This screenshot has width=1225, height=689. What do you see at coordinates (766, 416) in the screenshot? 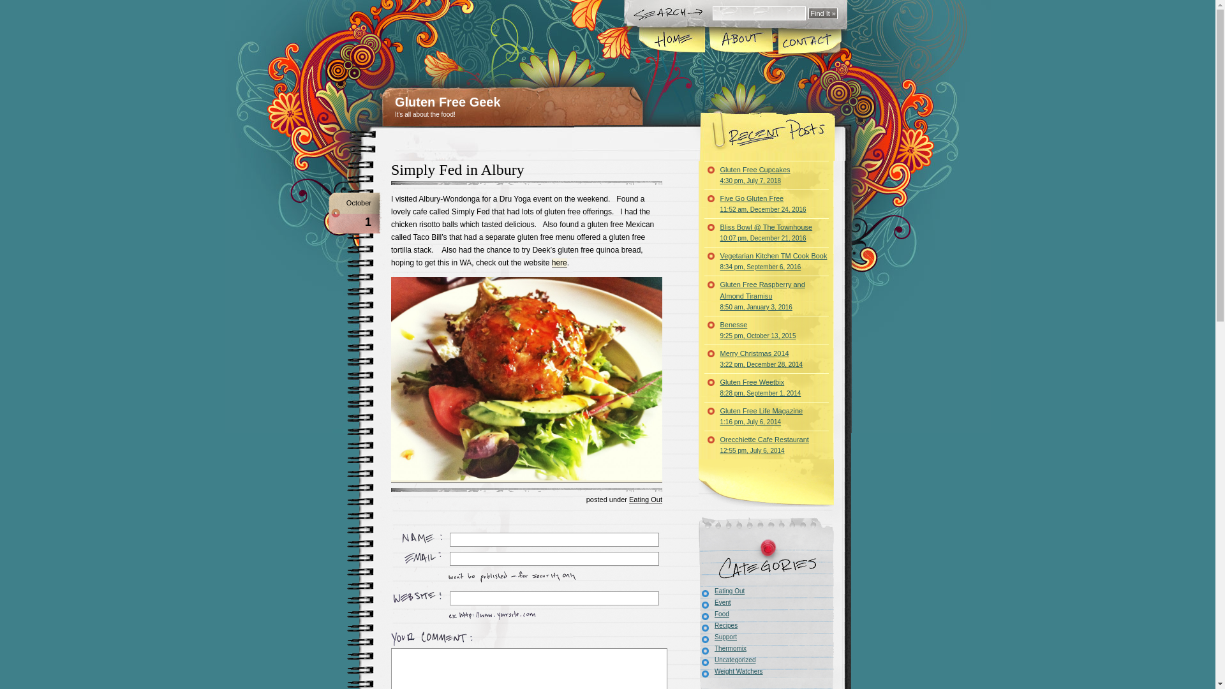
I see `'Gluten Free Life Magazine` at bounding box center [766, 416].